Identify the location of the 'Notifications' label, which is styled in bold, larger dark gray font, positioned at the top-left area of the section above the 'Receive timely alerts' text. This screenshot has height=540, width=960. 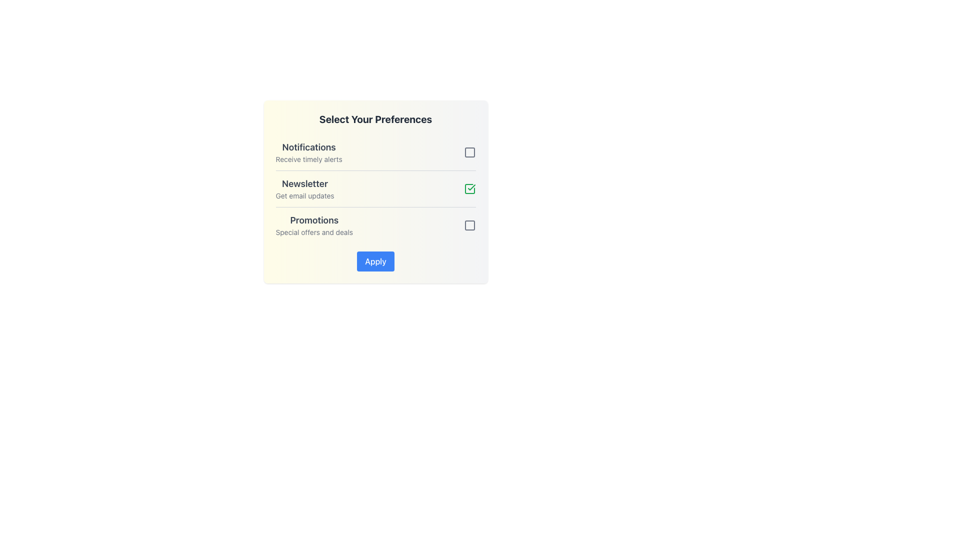
(308, 147).